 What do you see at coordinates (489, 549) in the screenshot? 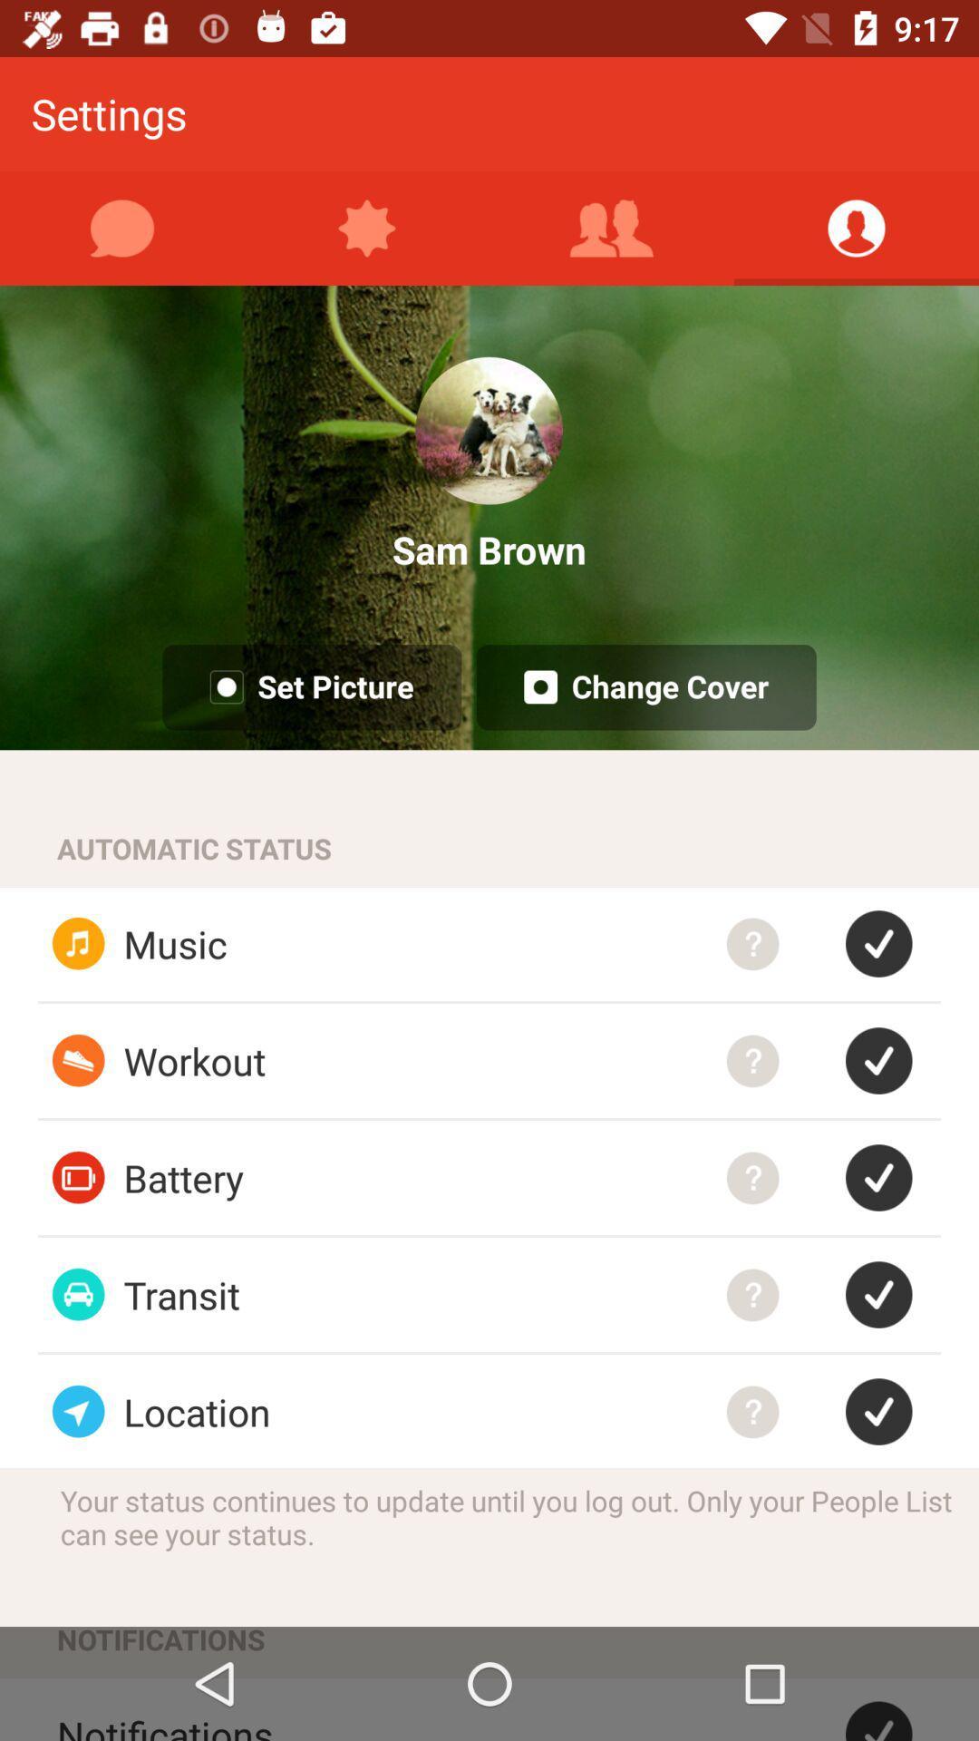
I see `the name below the image on the page` at bounding box center [489, 549].